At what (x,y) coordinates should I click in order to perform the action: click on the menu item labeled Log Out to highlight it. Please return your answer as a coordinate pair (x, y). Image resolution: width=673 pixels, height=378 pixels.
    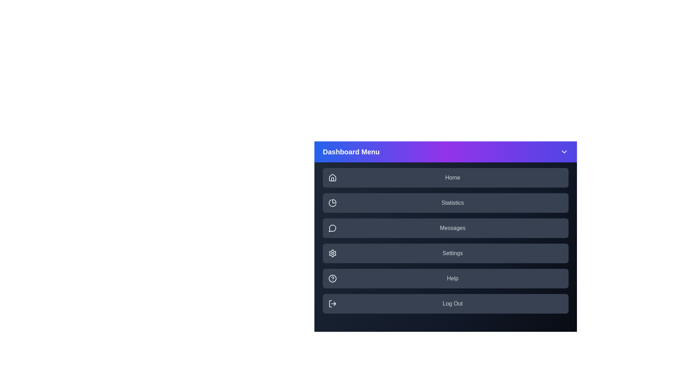
    Looking at the image, I should click on (445, 303).